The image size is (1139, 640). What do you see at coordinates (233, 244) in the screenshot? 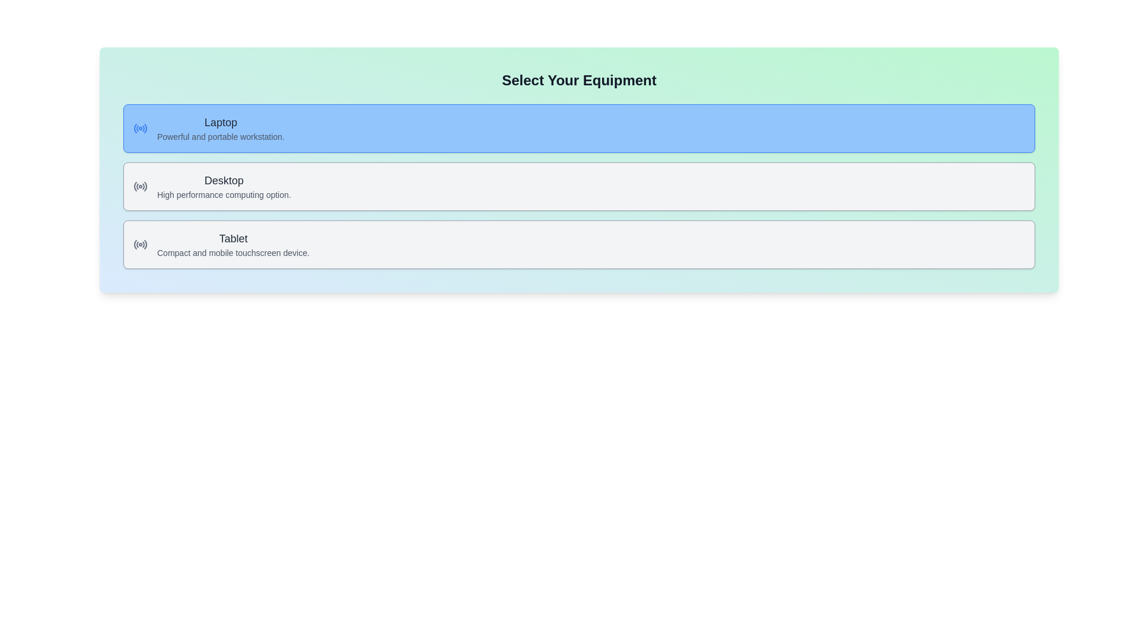
I see `the Text label that describes the tablet option, located in the second row of selectable options beneath the 'Desktop' option` at bounding box center [233, 244].